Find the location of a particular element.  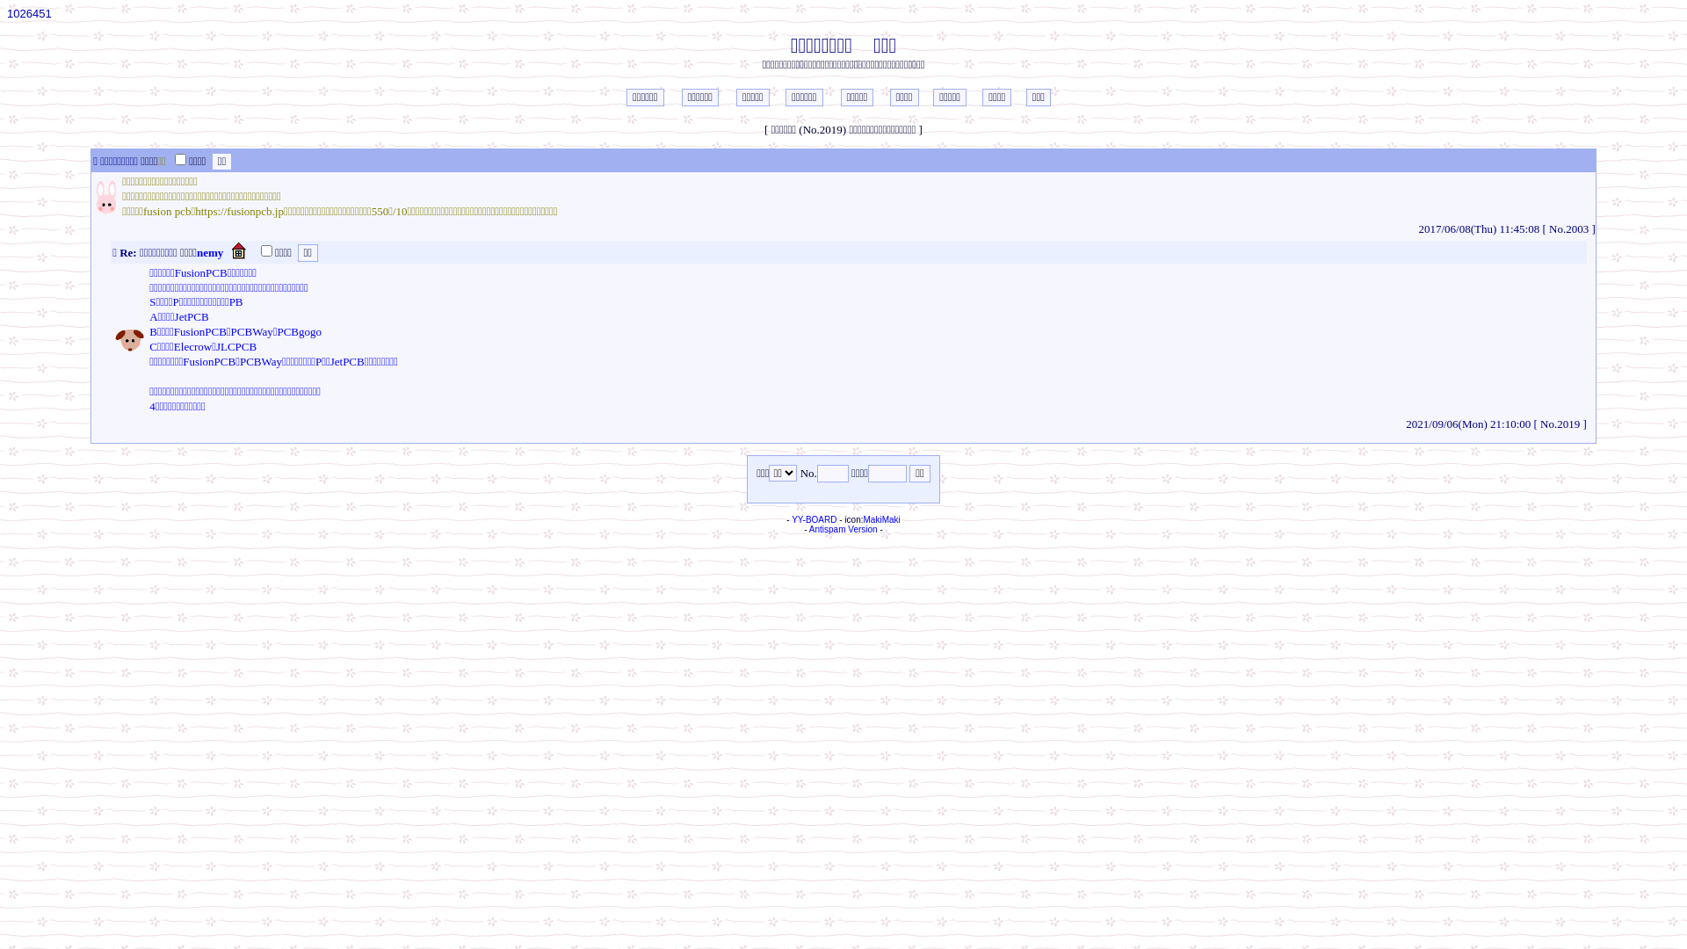

'YY-BOARD' is located at coordinates (813, 518).